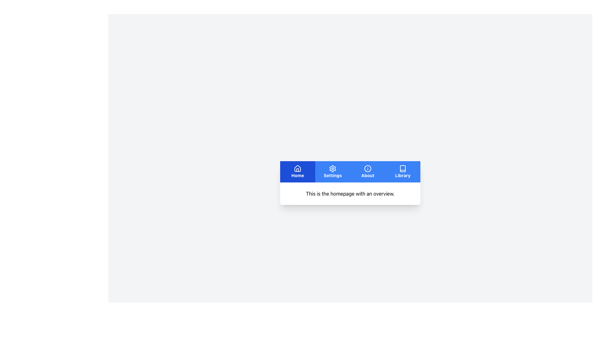 This screenshot has height=338, width=601. Describe the element at coordinates (332, 172) in the screenshot. I see `the 'Settings' button in the navigation bar, which contains a gear icon at the top with the text 'Settings' beneath it` at that location.